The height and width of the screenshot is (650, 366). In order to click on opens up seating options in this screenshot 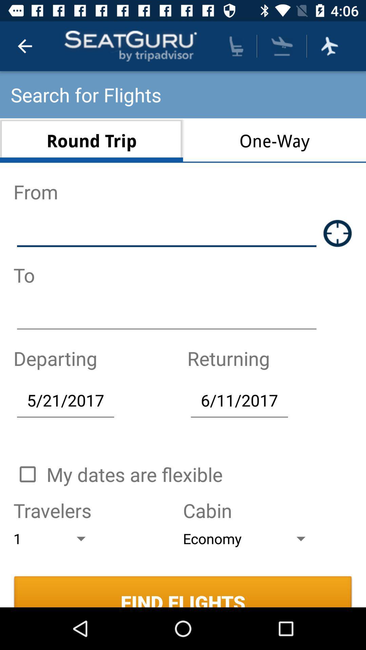, I will do `click(236, 46)`.